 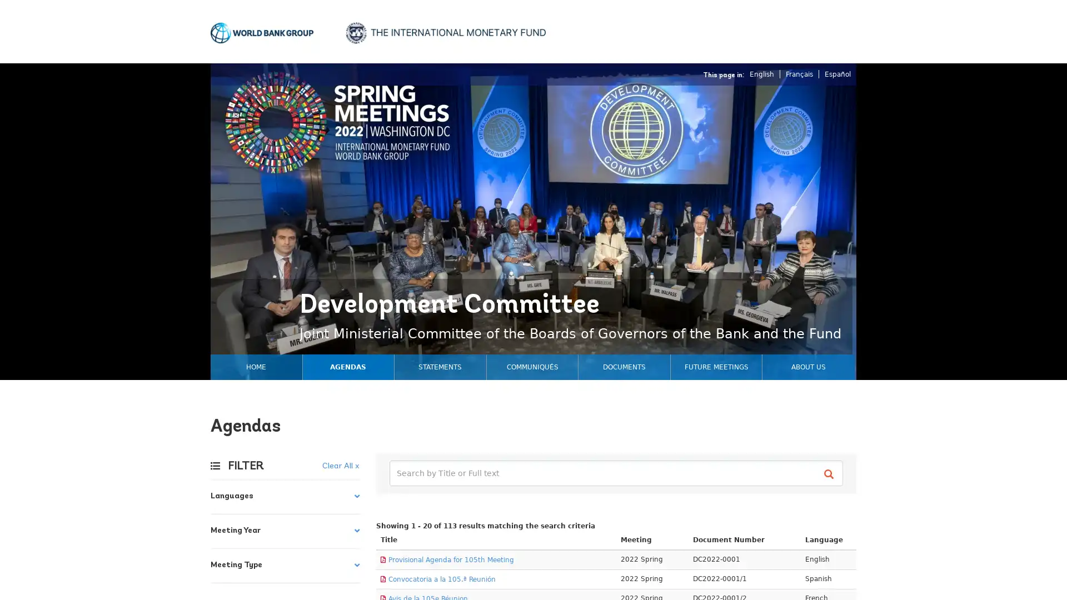 I want to click on <i class="fas fa-search"></i>, so click(x=831, y=474).